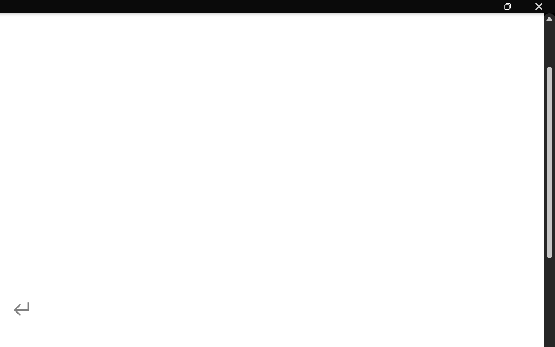 The width and height of the screenshot is (555, 347). Describe the element at coordinates (539, 7) in the screenshot. I see `'Close'` at that location.